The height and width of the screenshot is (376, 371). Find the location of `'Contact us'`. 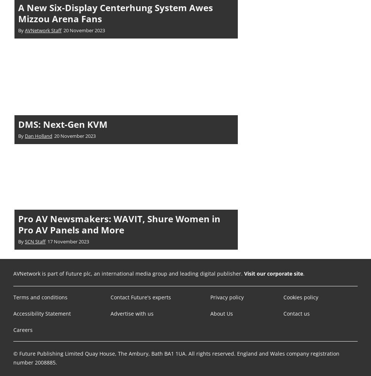

'Contact us' is located at coordinates (283, 313).